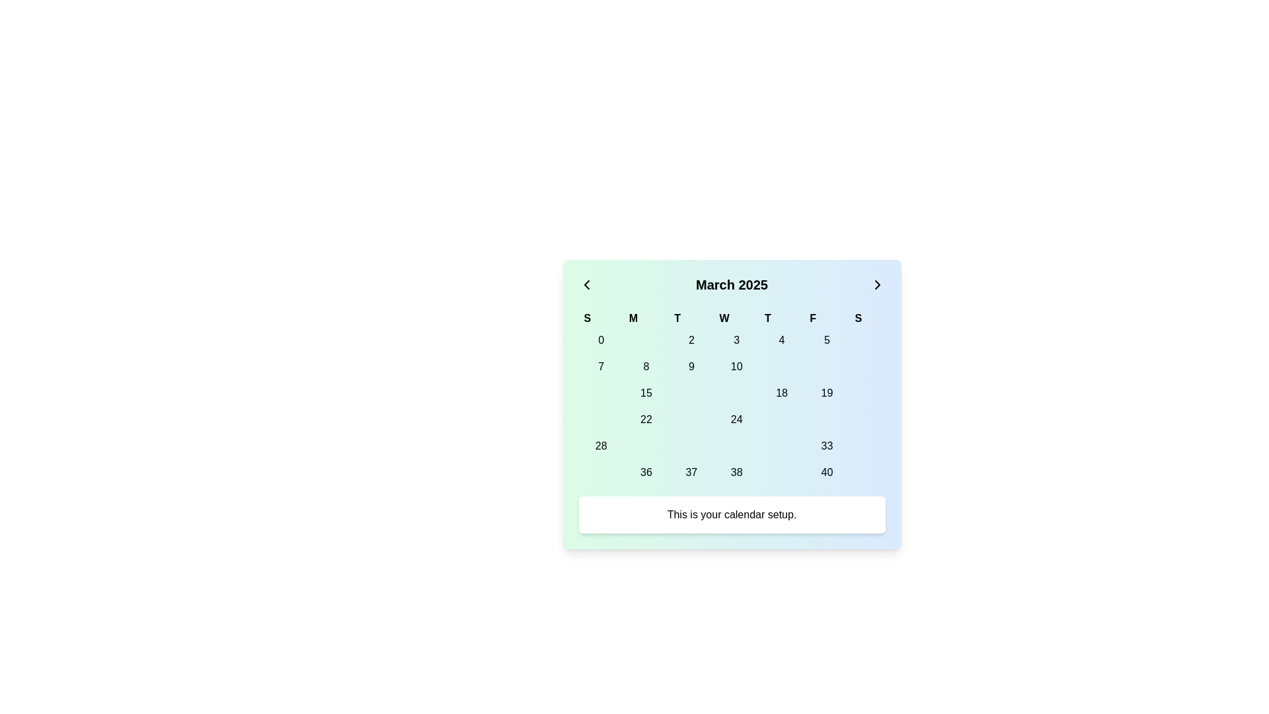 This screenshot has width=1269, height=714. I want to click on the character '0' displayed in bold font within the first cell of the calendar grid in the date picker interface, so click(600, 340).